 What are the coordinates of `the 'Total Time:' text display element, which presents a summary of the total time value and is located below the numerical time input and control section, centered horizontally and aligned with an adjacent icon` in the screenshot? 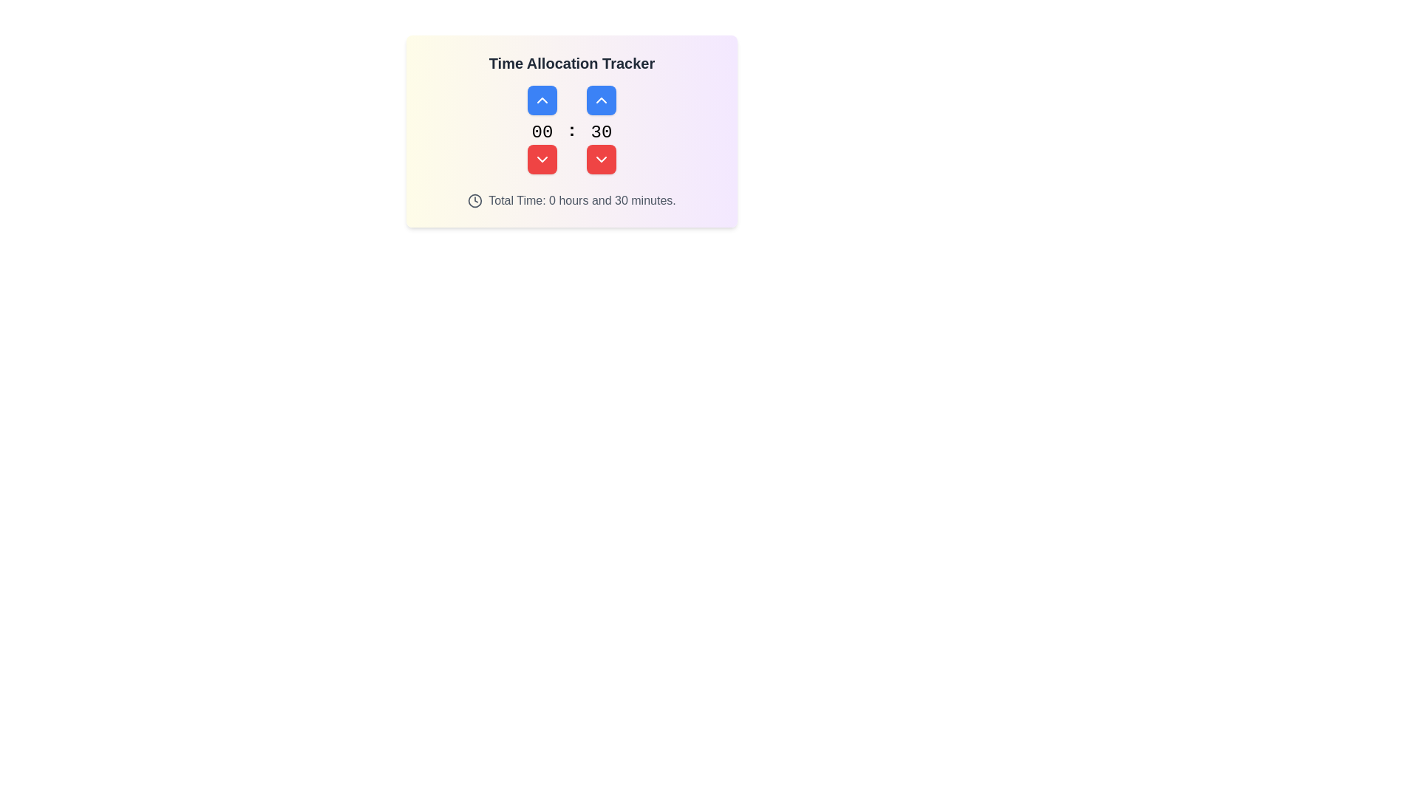 It's located at (581, 201).